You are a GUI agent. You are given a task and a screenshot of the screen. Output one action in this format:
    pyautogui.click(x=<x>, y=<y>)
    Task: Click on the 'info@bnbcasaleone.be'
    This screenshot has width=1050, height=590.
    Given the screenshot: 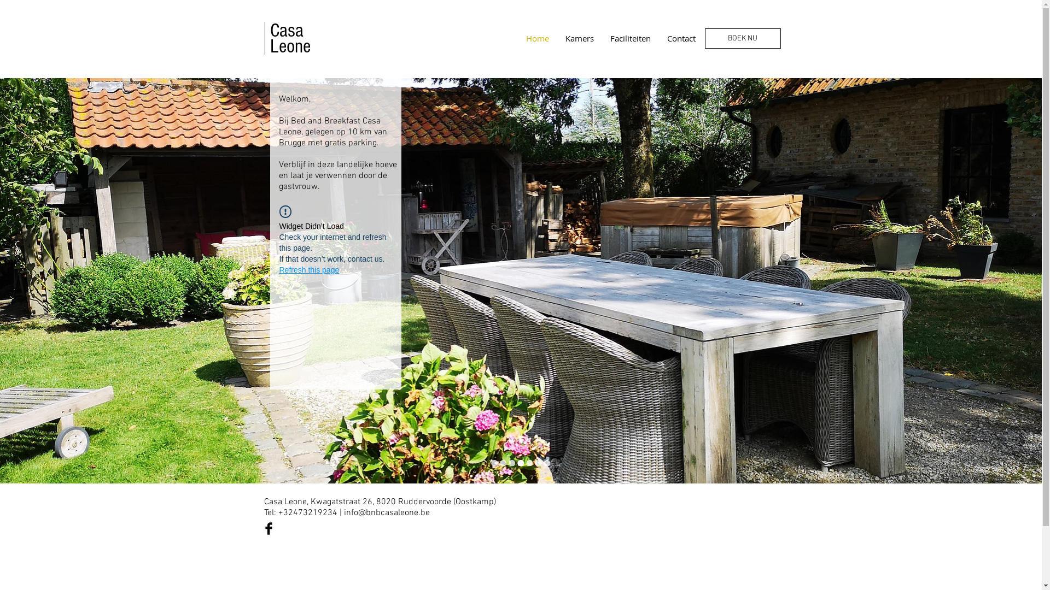 What is the action you would take?
    pyautogui.click(x=386, y=512)
    